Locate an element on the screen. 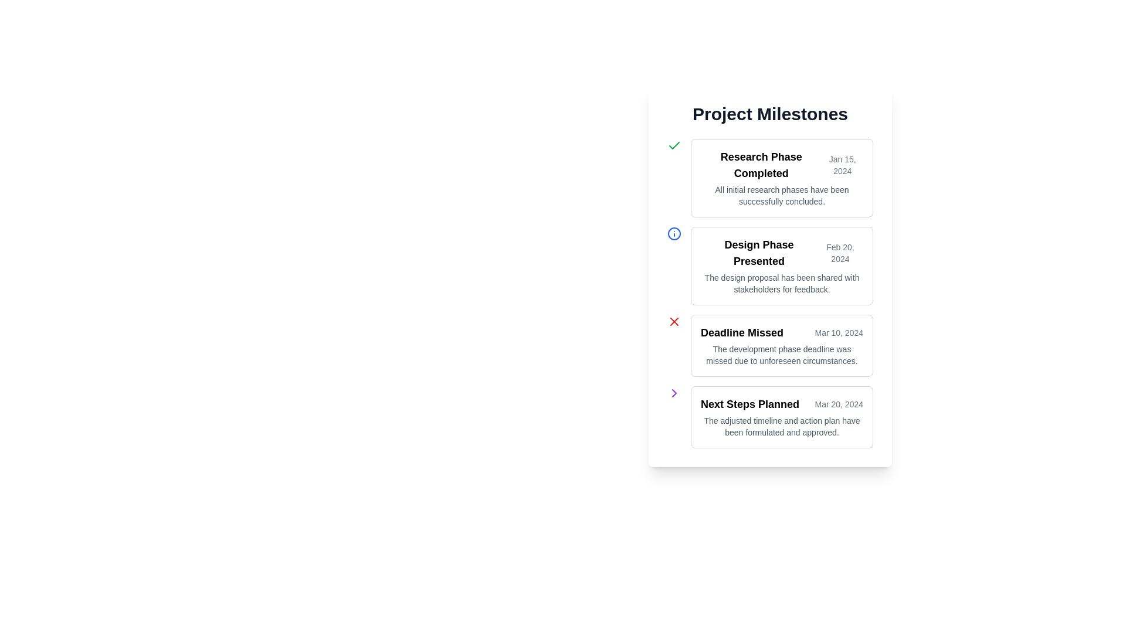  the static text label displaying 'Design Phase Presented', located at the top-left section of a milestone card, above the date text is located at coordinates (759, 253).